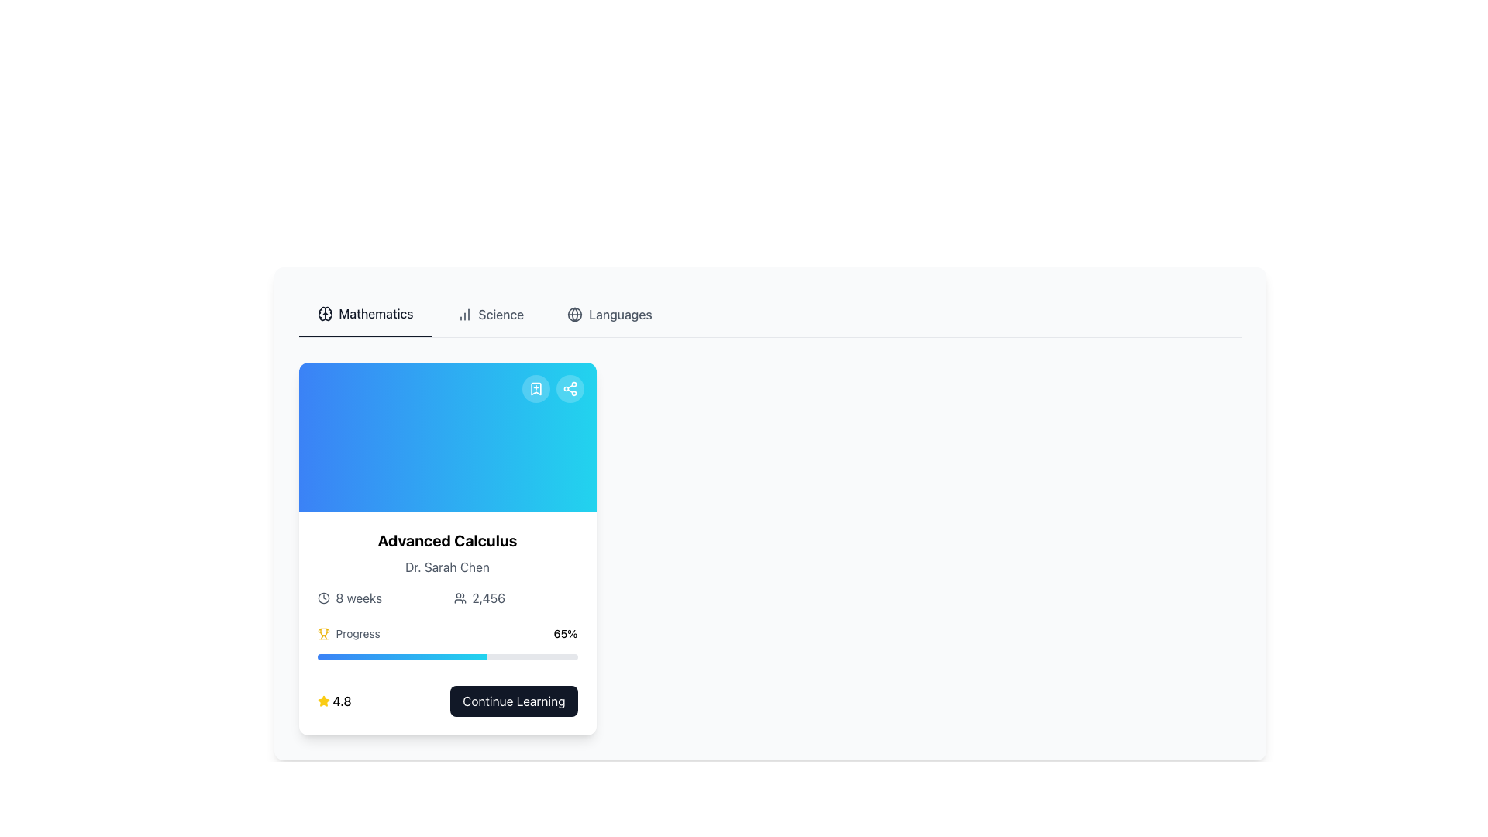 This screenshot has width=1488, height=837. Describe the element at coordinates (446, 670) in the screenshot. I see `the progress percentage displayed in the Progress Indicator with Supporting Text for the 'Advanced Calculus' course, which shows '65%'` at that location.